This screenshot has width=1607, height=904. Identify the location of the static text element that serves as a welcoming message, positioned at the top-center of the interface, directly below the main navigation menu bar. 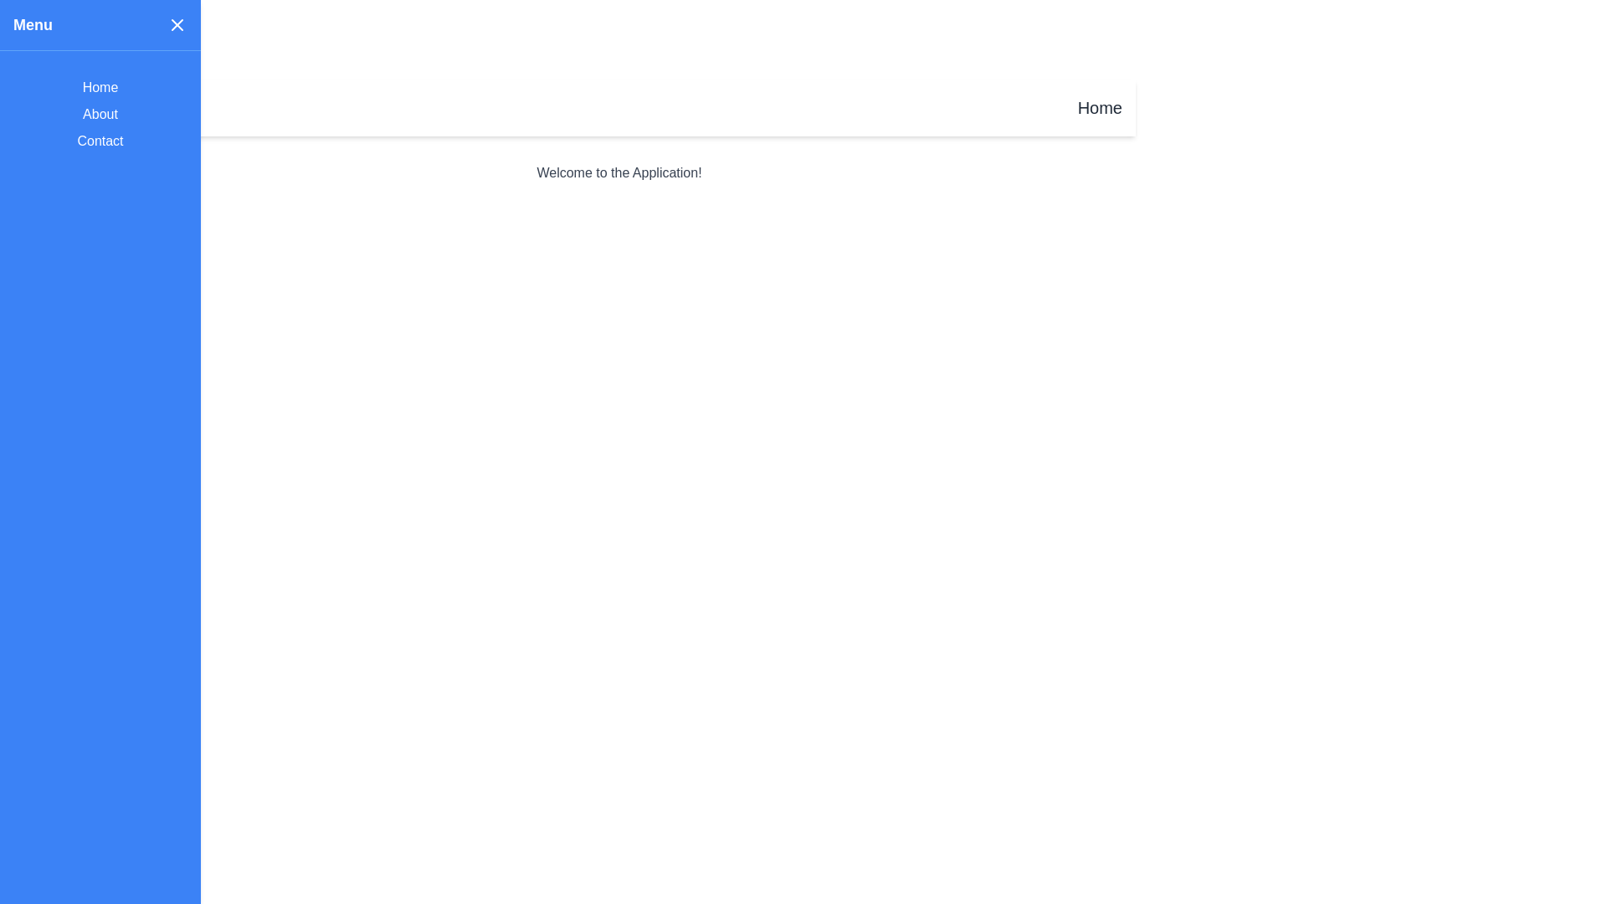
(618, 173).